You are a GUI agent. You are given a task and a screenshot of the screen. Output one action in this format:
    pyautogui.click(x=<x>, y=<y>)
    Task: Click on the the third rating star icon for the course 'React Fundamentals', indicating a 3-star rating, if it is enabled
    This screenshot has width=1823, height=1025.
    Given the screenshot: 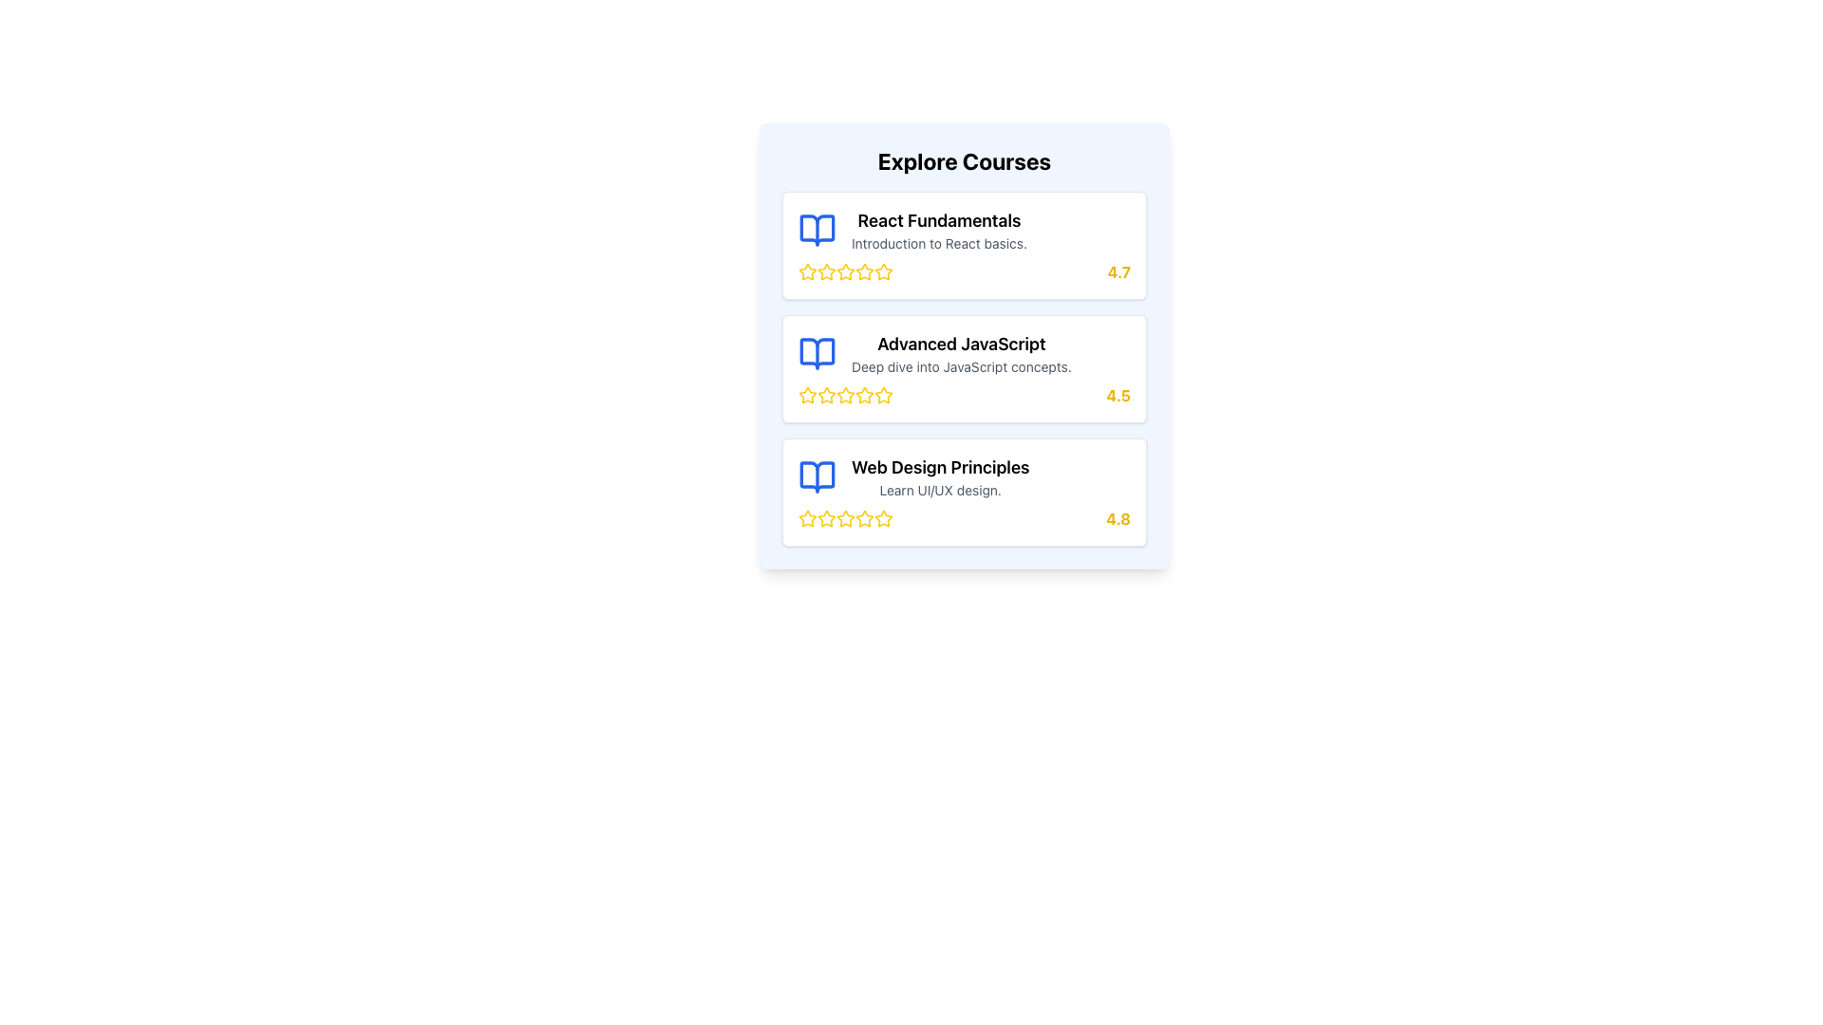 What is the action you would take?
    pyautogui.click(x=826, y=271)
    